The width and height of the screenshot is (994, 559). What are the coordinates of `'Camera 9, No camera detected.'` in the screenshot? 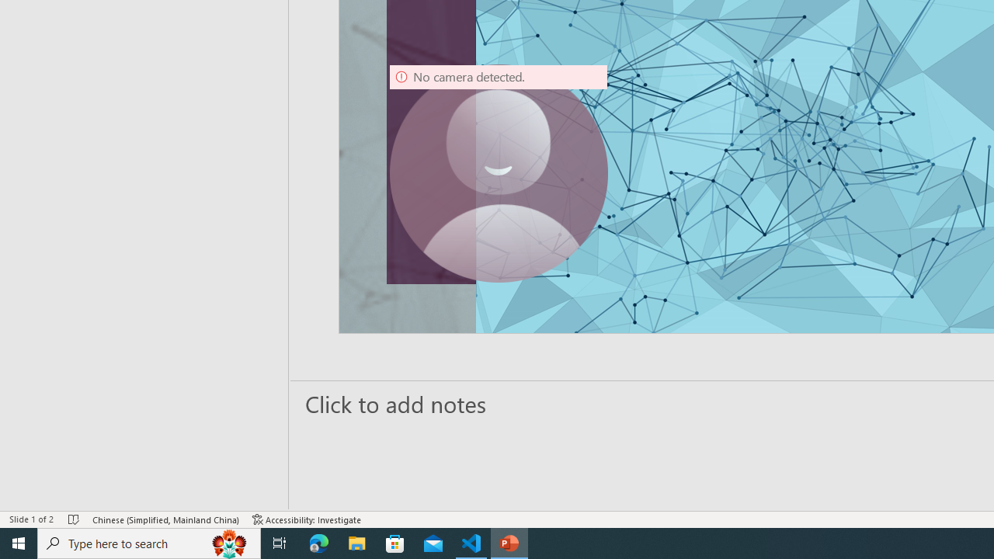 It's located at (498, 173).